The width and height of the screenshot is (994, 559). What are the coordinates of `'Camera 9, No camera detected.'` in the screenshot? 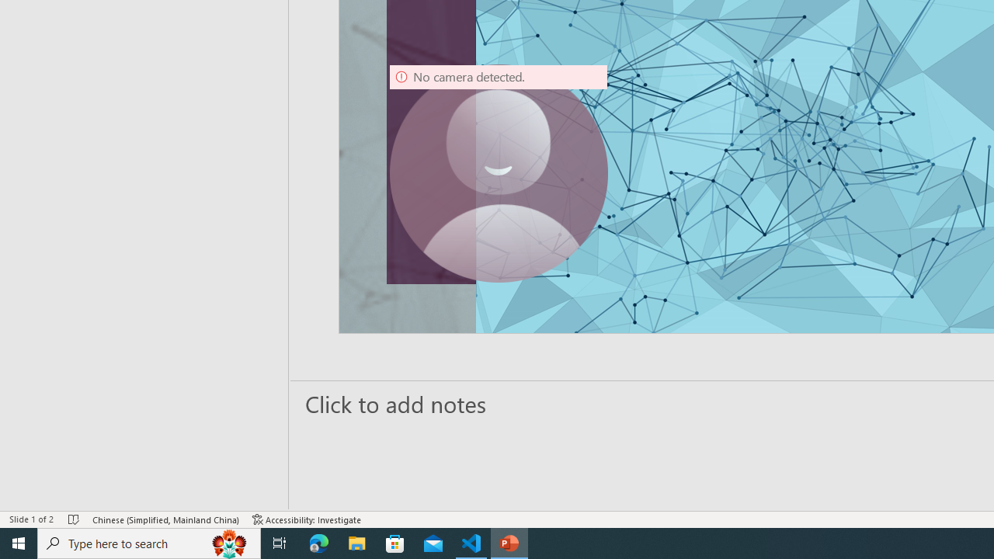 It's located at (498, 173).